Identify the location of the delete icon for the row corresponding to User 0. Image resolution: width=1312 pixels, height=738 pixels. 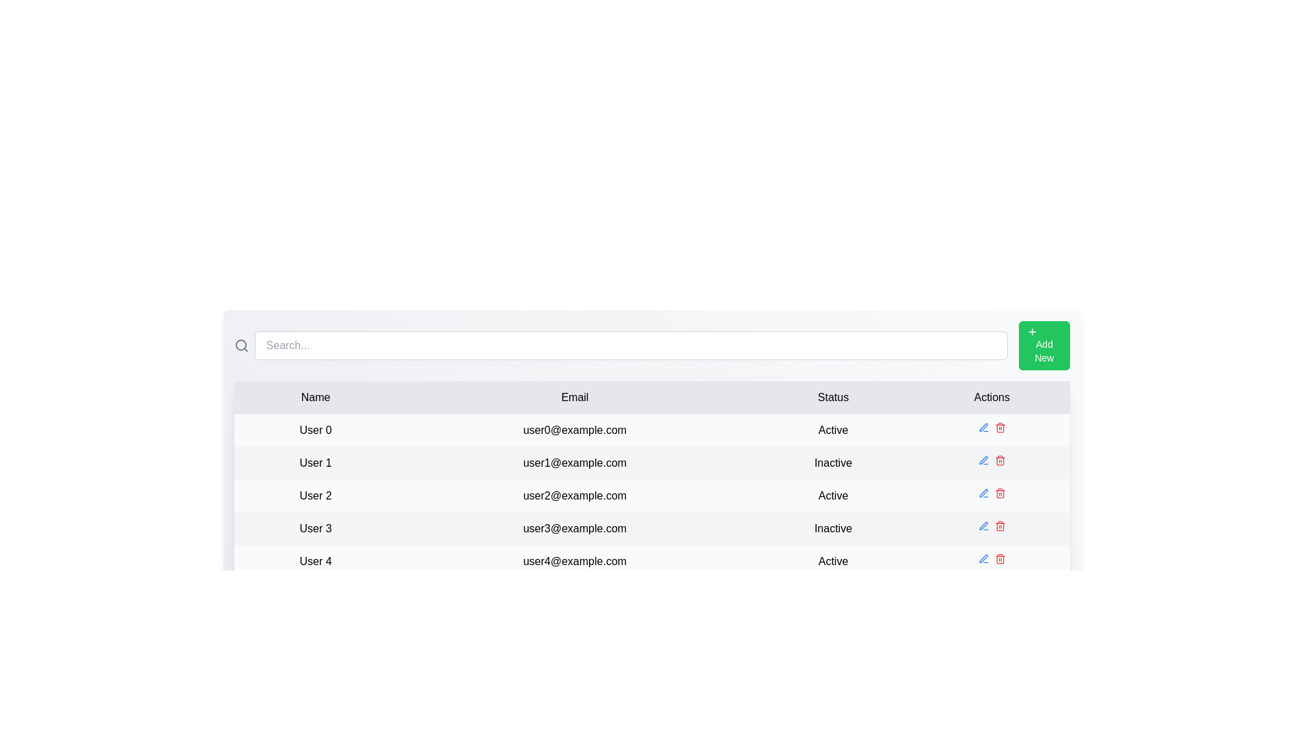
(1000, 426).